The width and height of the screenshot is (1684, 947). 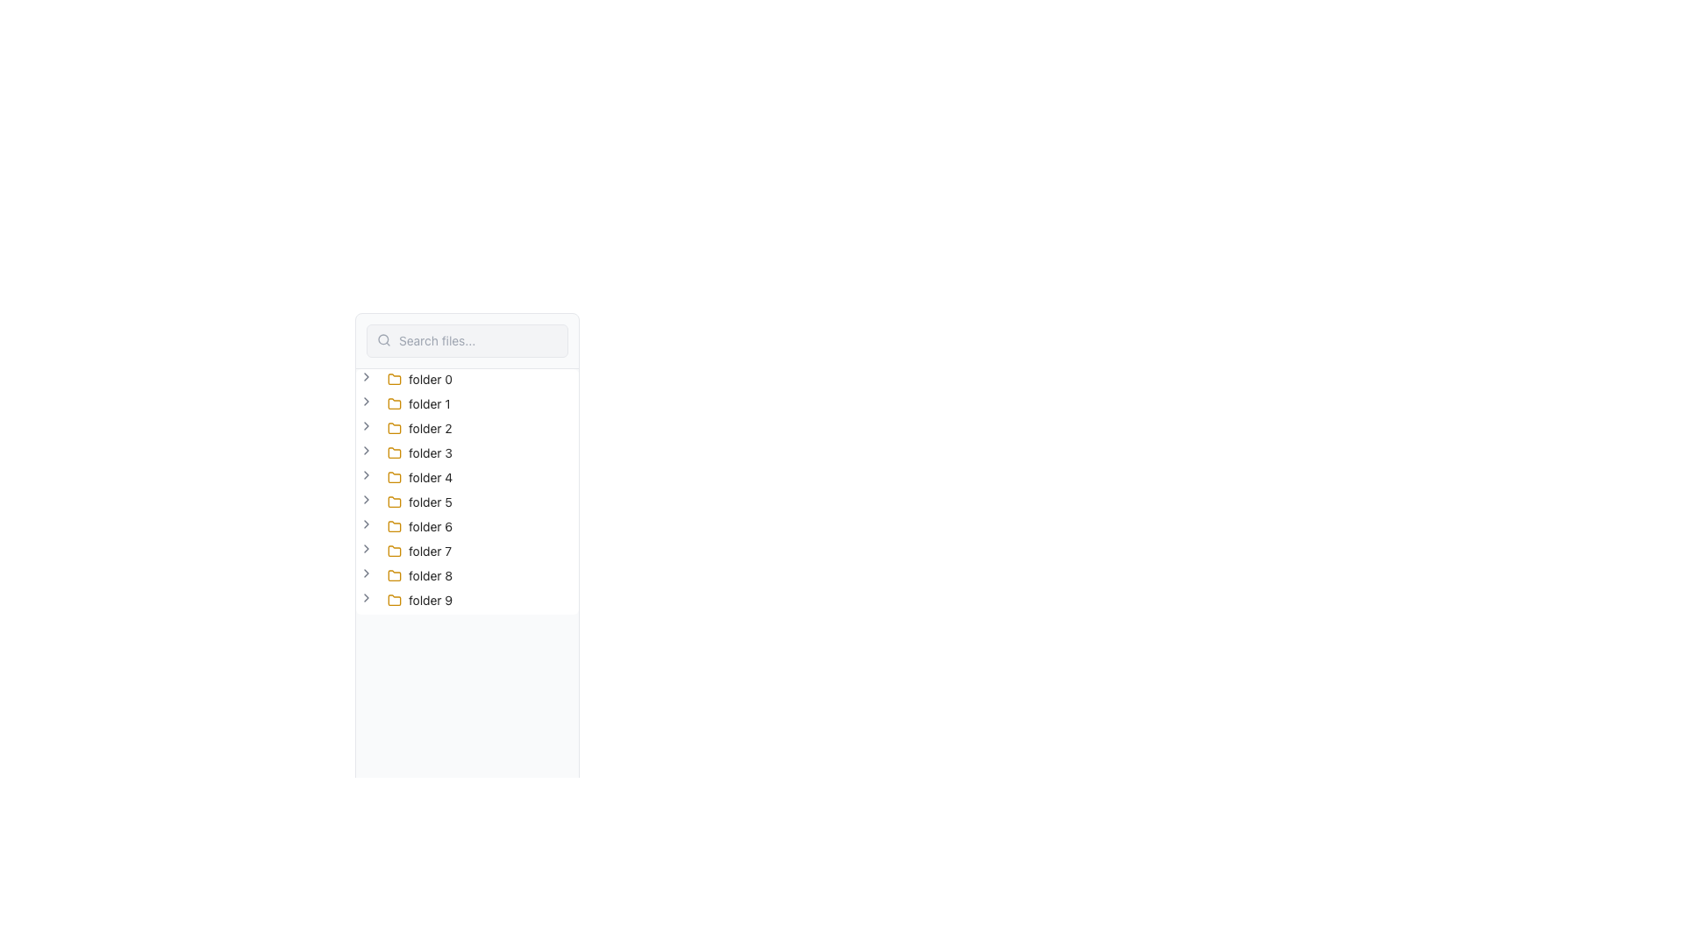 I want to click on the folder icon associated with the label 'folder 6', which is positioned in the sixth position of the list, so click(x=394, y=526).